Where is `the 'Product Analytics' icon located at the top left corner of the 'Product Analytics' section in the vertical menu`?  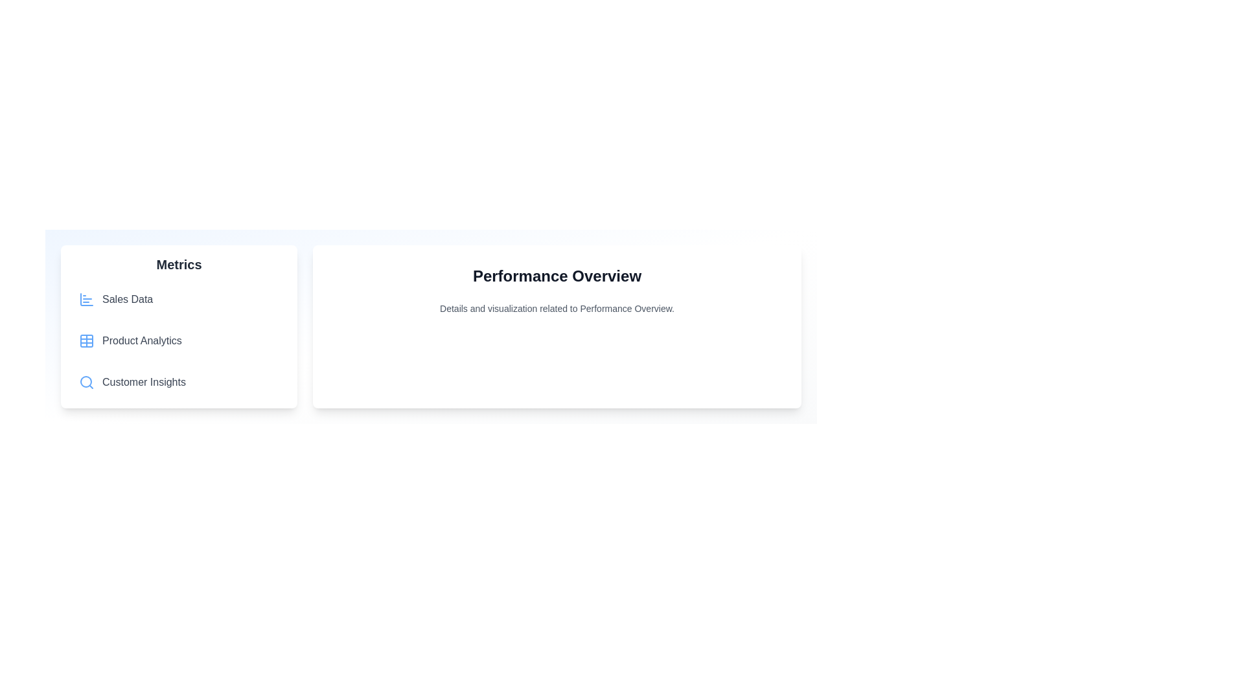 the 'Product Analytics' icon located at the top left corner of the 'Product Analytics' section in the vertical menu is located at coordinates (86, 340).